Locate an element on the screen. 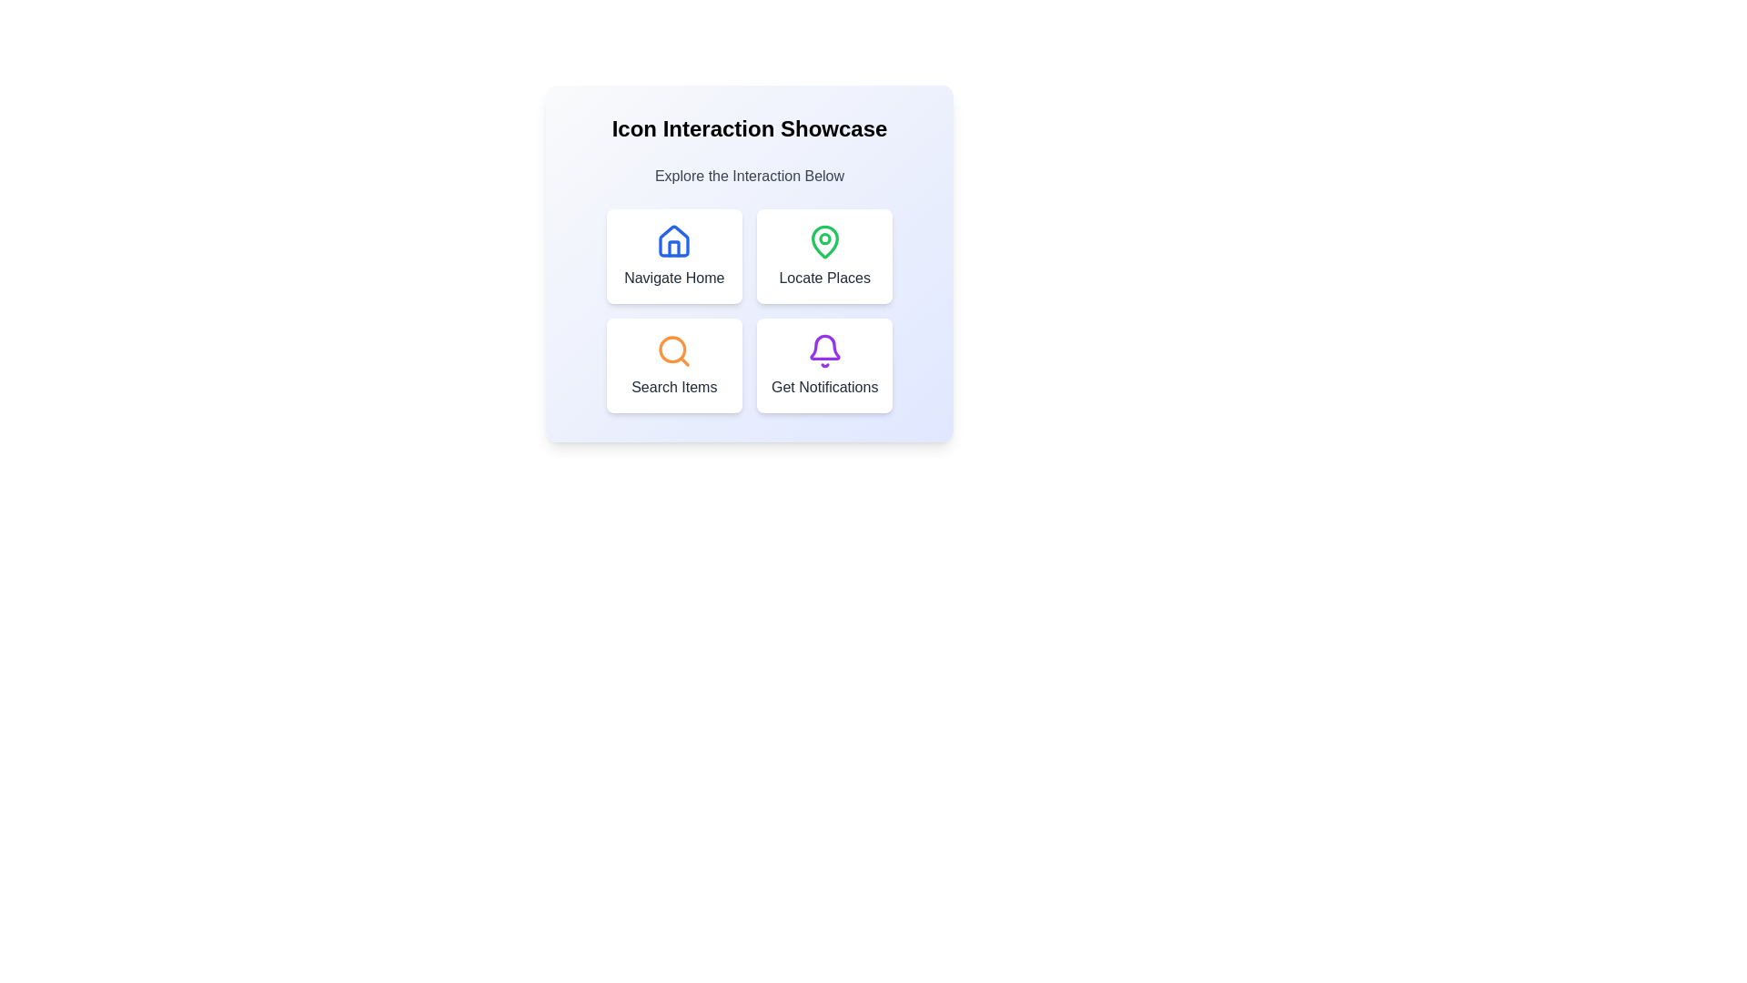 The height and width of the screenshot is (983, 1747). the search button located in the lower-left quadrant of a 2x2 grid, which is the third button below the 'Navigate Home' button, to initiate a search action is located at coordinates (673, 365).